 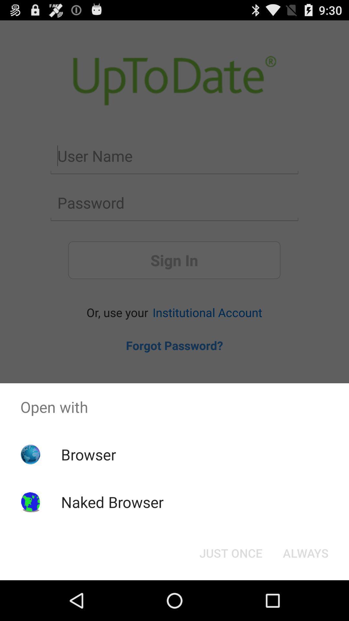 What do you see at coordinates (230, 552) in the screenshot?
I see `the item next to the always` at bounding box center [230, 552].